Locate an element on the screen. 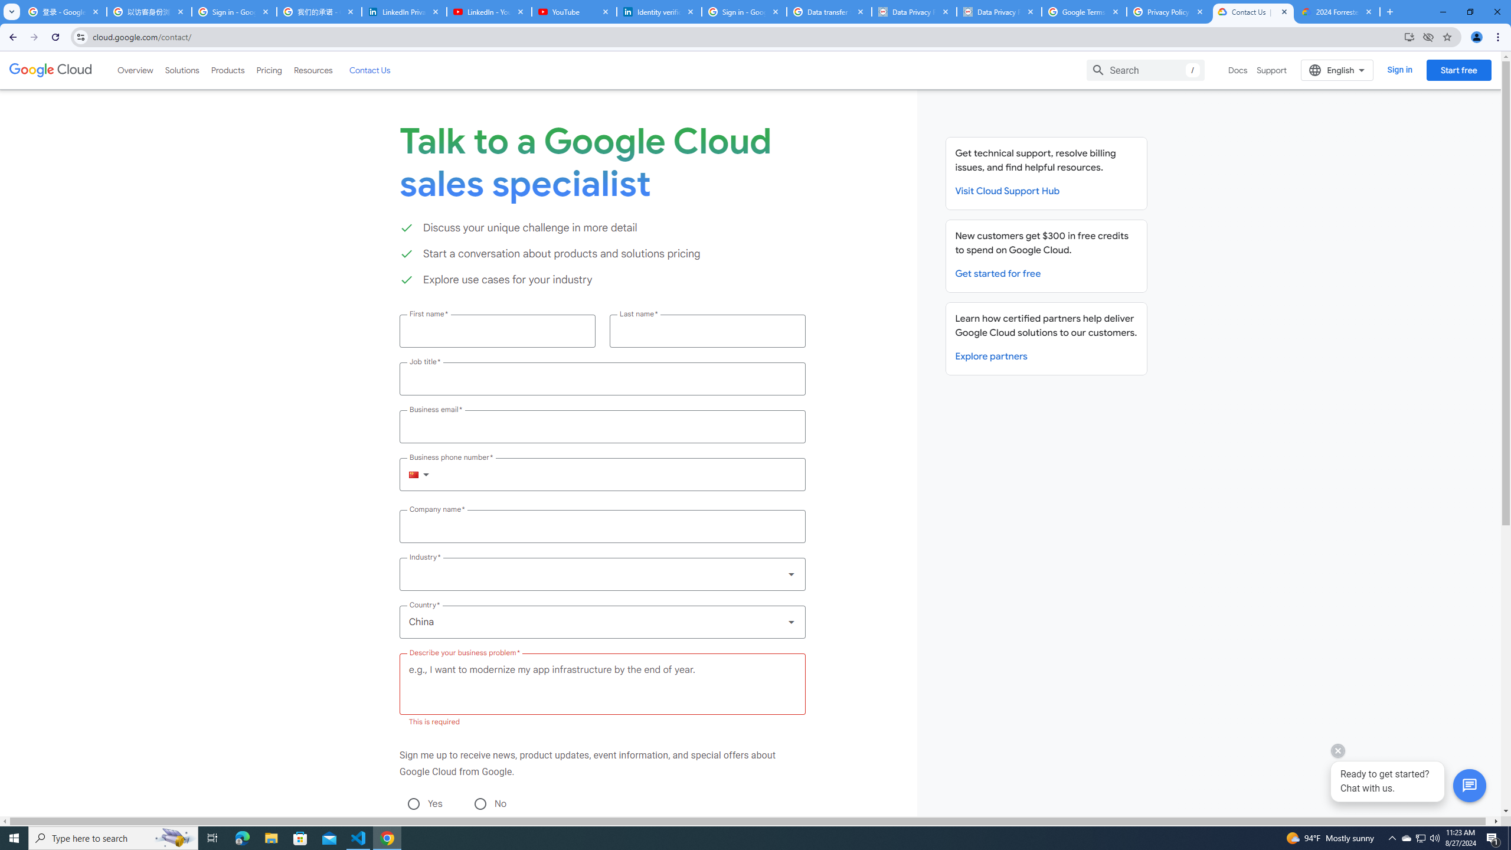  'YouTube' is located at coordinates (573, 11).